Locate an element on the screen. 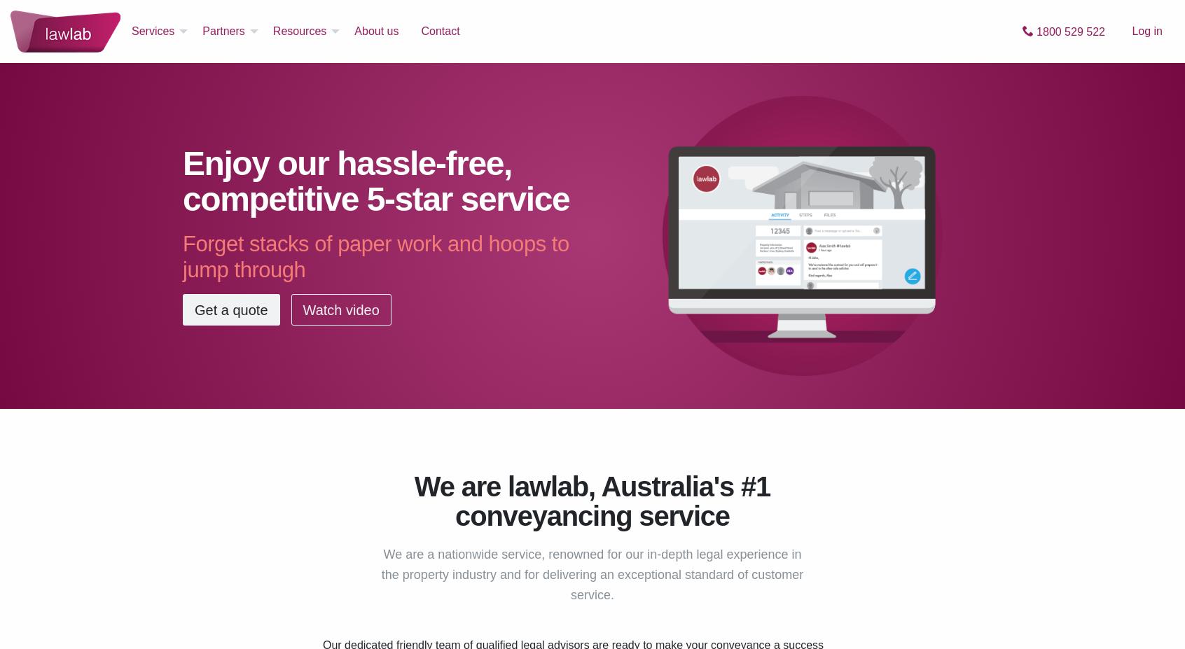 Image resolution: width=1185 pixels, height=649 pixels. 'Get a quote' is located at coordinates (230, 308).